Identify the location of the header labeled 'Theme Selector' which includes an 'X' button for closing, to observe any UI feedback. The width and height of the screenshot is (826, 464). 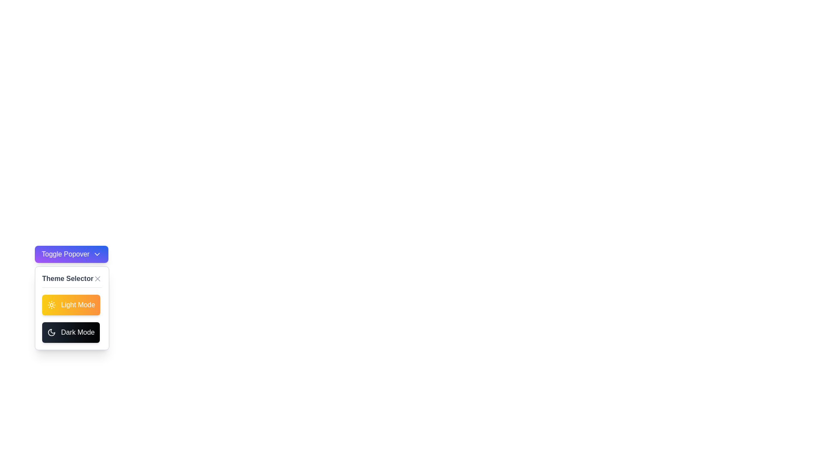
(72, 281).